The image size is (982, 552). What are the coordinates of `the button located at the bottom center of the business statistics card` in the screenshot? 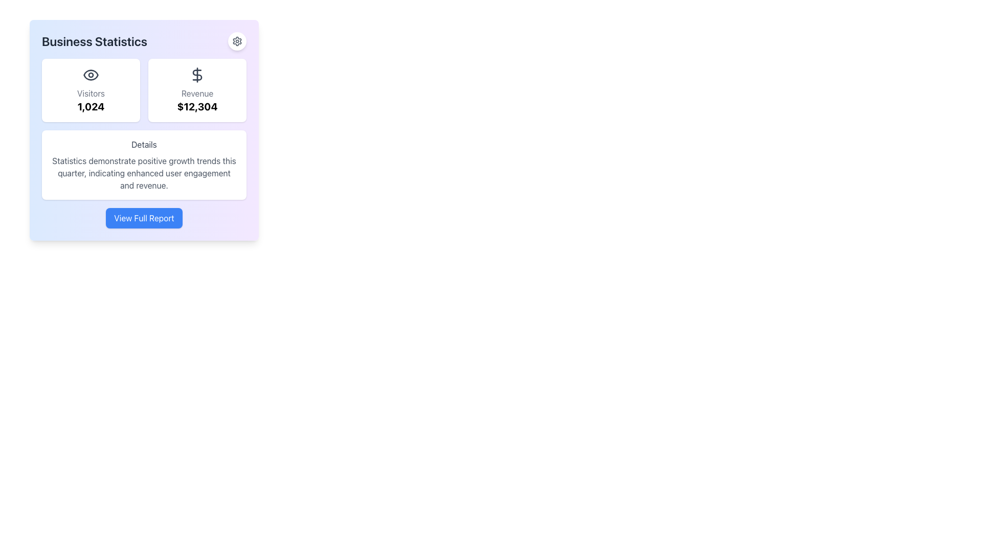 It's located at (144, 218).